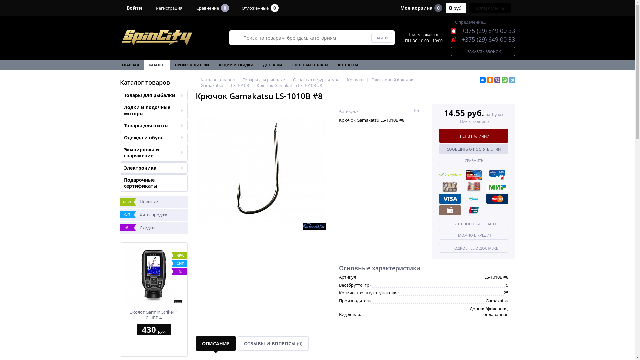 The image size is (640, 360). What do you see at coordinates (449, 198) in the screenshot?
I see `'VISA'` at bounding box center [449, 198].